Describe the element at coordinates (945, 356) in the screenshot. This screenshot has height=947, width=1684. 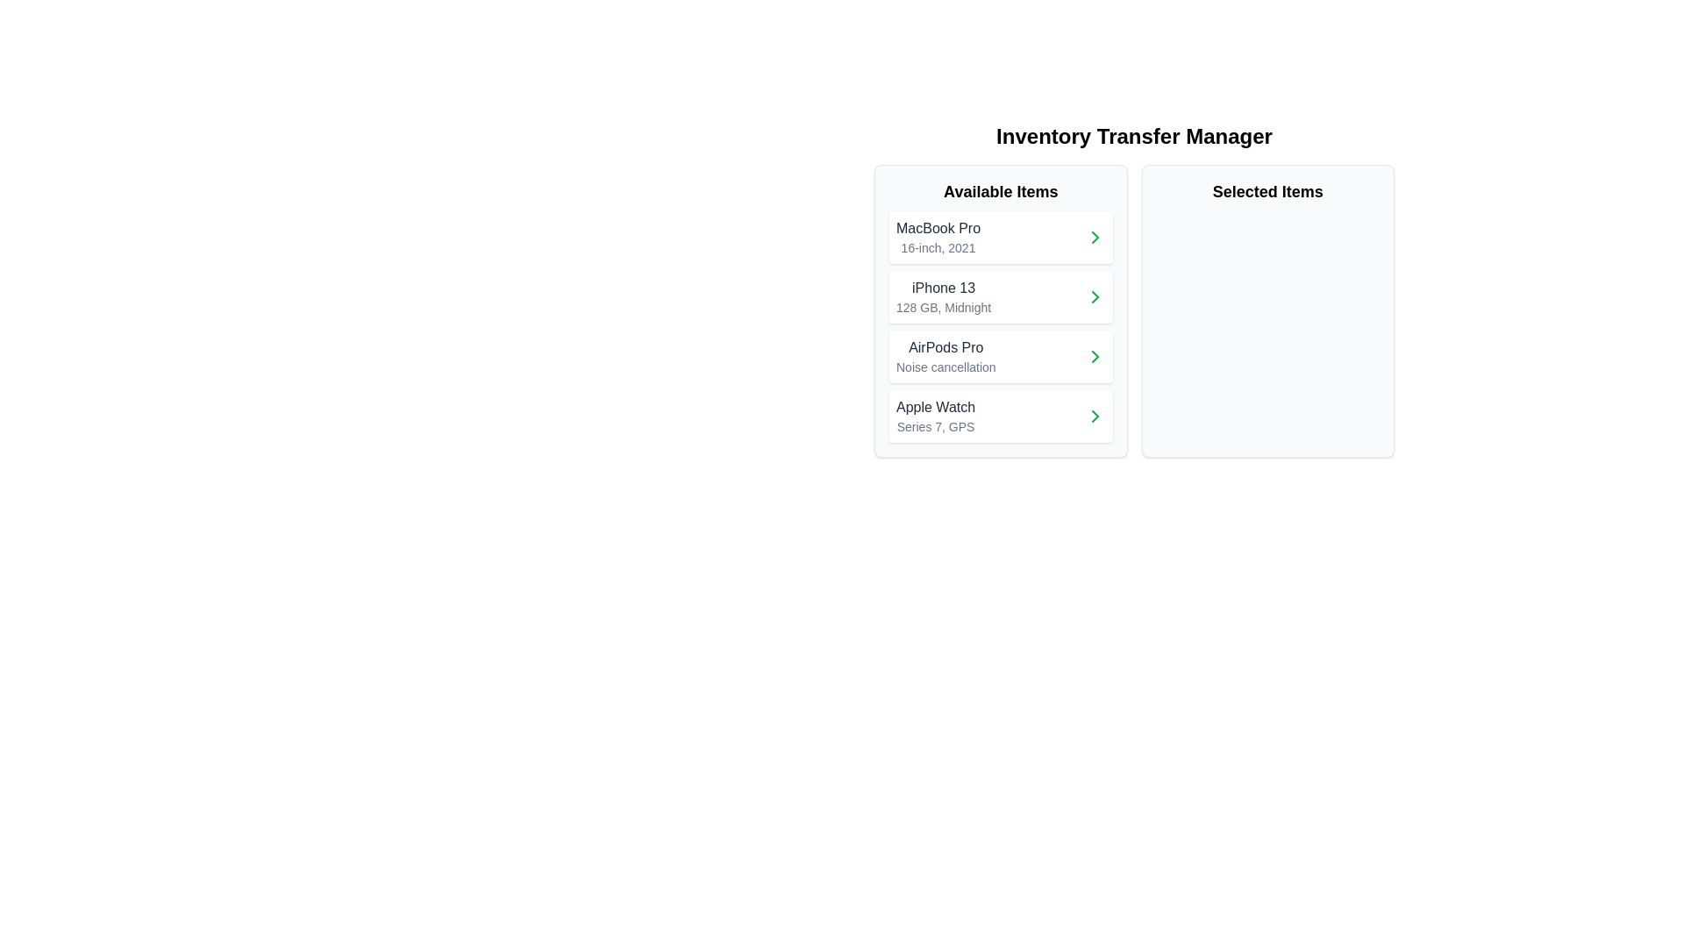
I see `the 'AirPods Pro' text block in the 'Available Items' section` at that location.